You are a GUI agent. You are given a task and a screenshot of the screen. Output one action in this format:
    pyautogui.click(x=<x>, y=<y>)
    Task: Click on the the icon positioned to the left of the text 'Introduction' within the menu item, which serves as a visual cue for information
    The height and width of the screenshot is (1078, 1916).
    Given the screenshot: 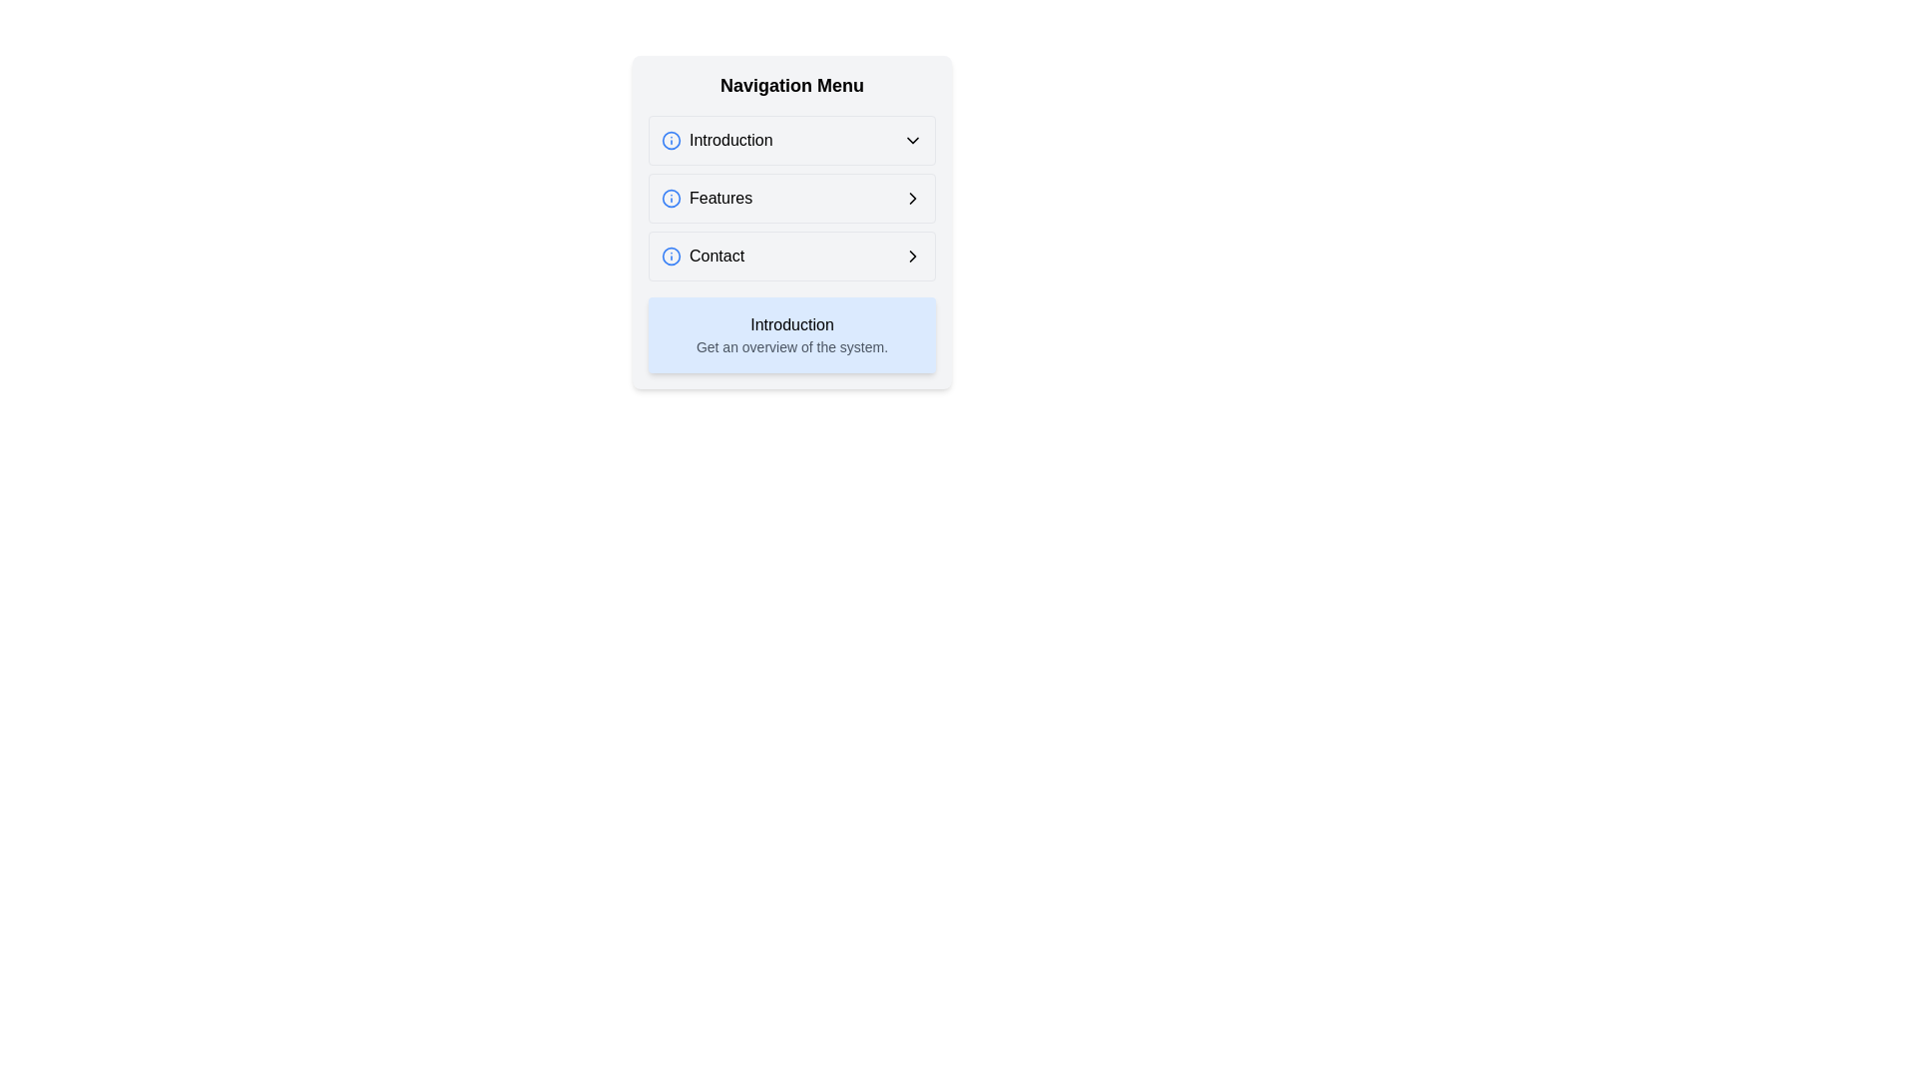 What is the action you would take?
    pyautogui.click(x=671, y=140)
    